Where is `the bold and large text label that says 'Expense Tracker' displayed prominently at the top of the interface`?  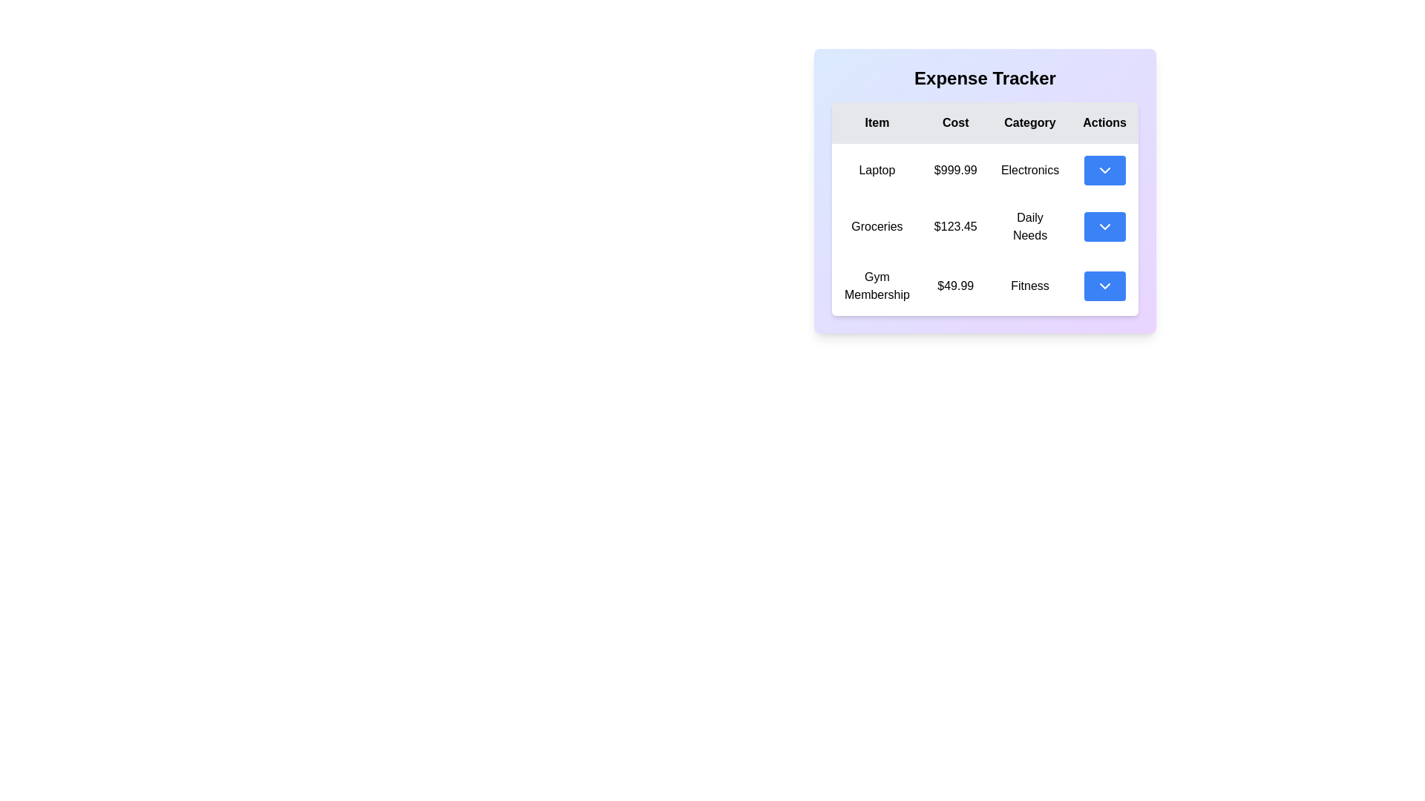 the bold and large text label that says 'Expense Tracker' displayed prominently at the top of the interface is located at coordinates (985, 78).